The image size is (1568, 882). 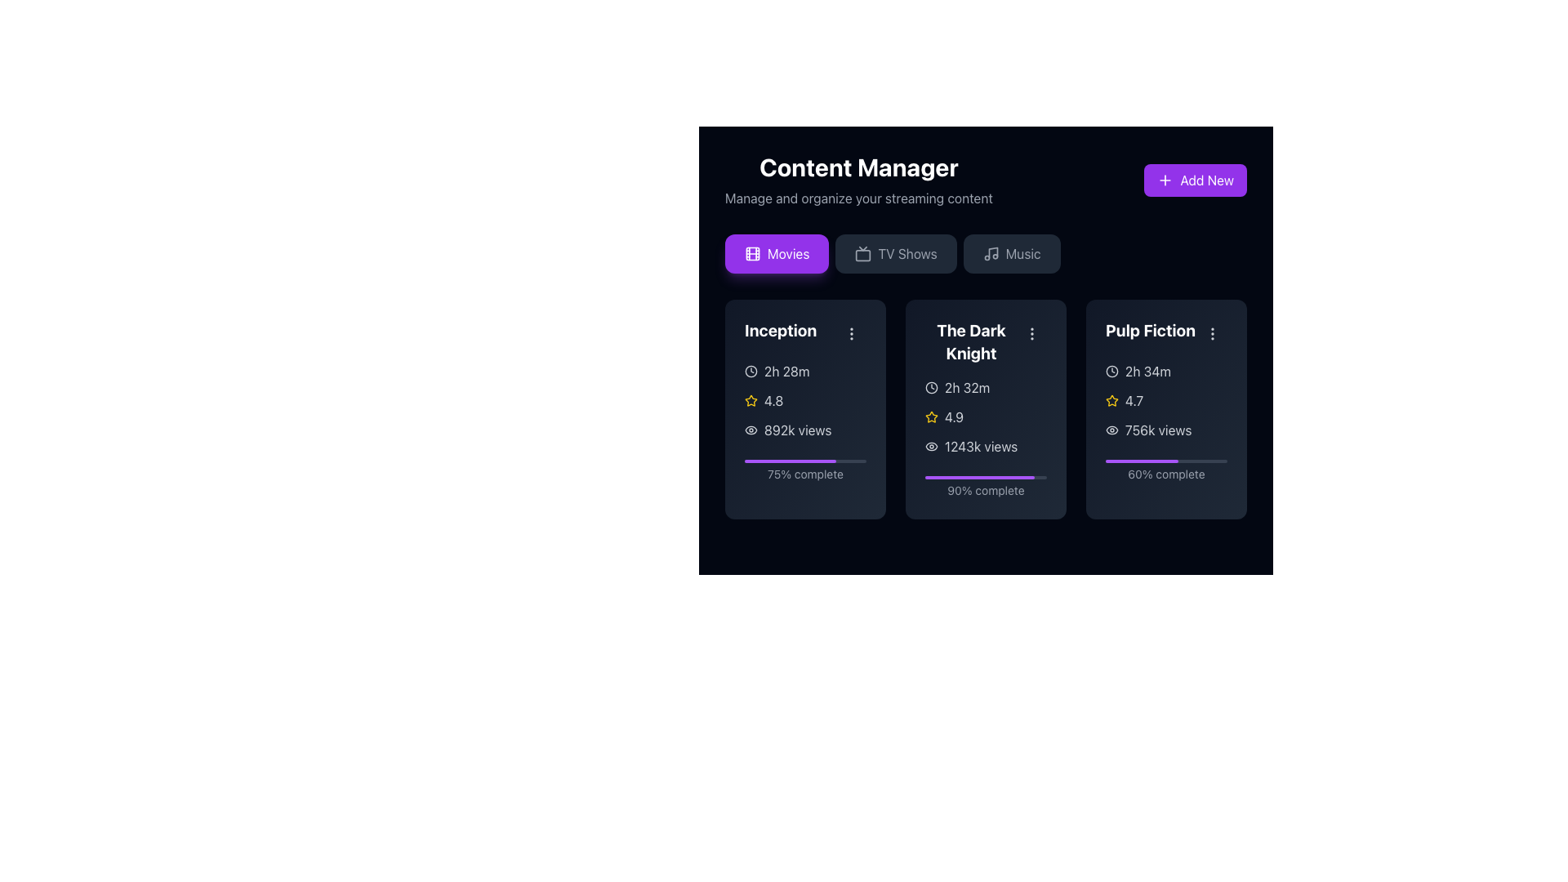 What do you see at coordinates (967, 387) in the screenshot?
I see `text label conveying the duration of the movie 'The Dark Knight', which is located next to a clock icon within the card titled 'The Dark Knight' under the 'Movies' category` at bounding box center [967, 387].